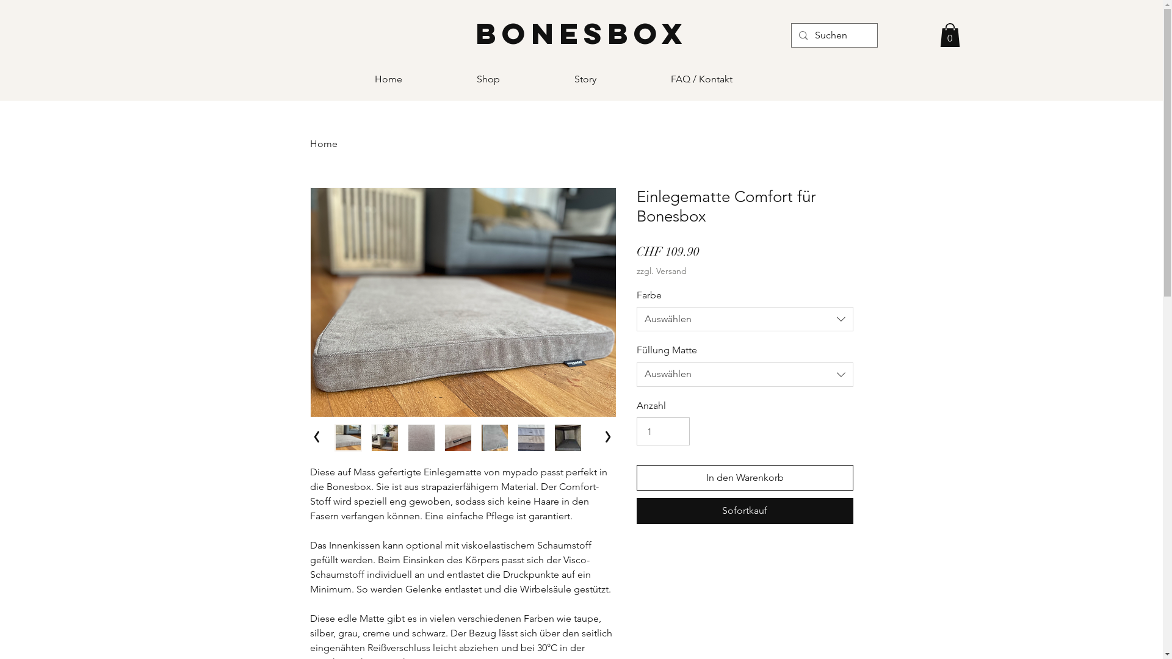 The width and height of the screenshot is (1172, 659). Describe the element at coordinates (613, 79) in the screenshot. I see `'Story'` at that location.